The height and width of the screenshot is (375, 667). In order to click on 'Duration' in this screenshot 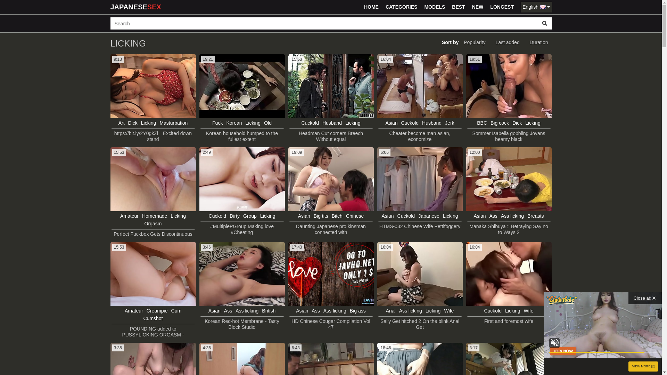, I will do `click(538, 42)`.